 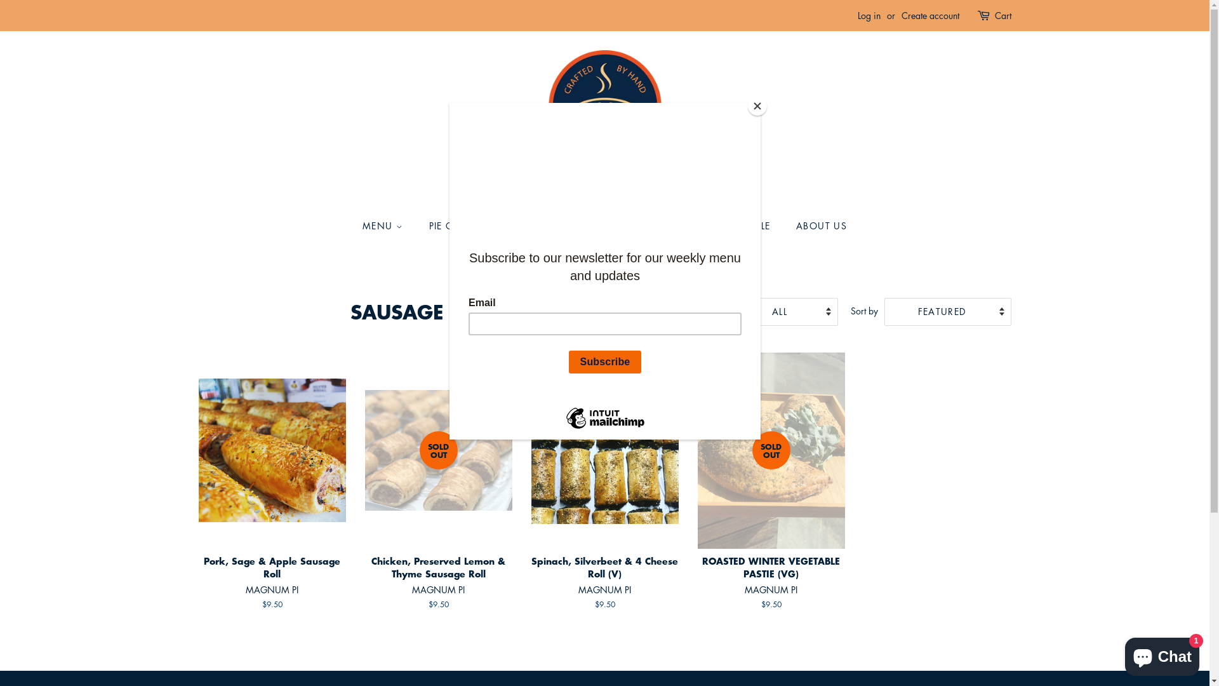 I want to click on 'CONTACT', so click(x=663, y=225).